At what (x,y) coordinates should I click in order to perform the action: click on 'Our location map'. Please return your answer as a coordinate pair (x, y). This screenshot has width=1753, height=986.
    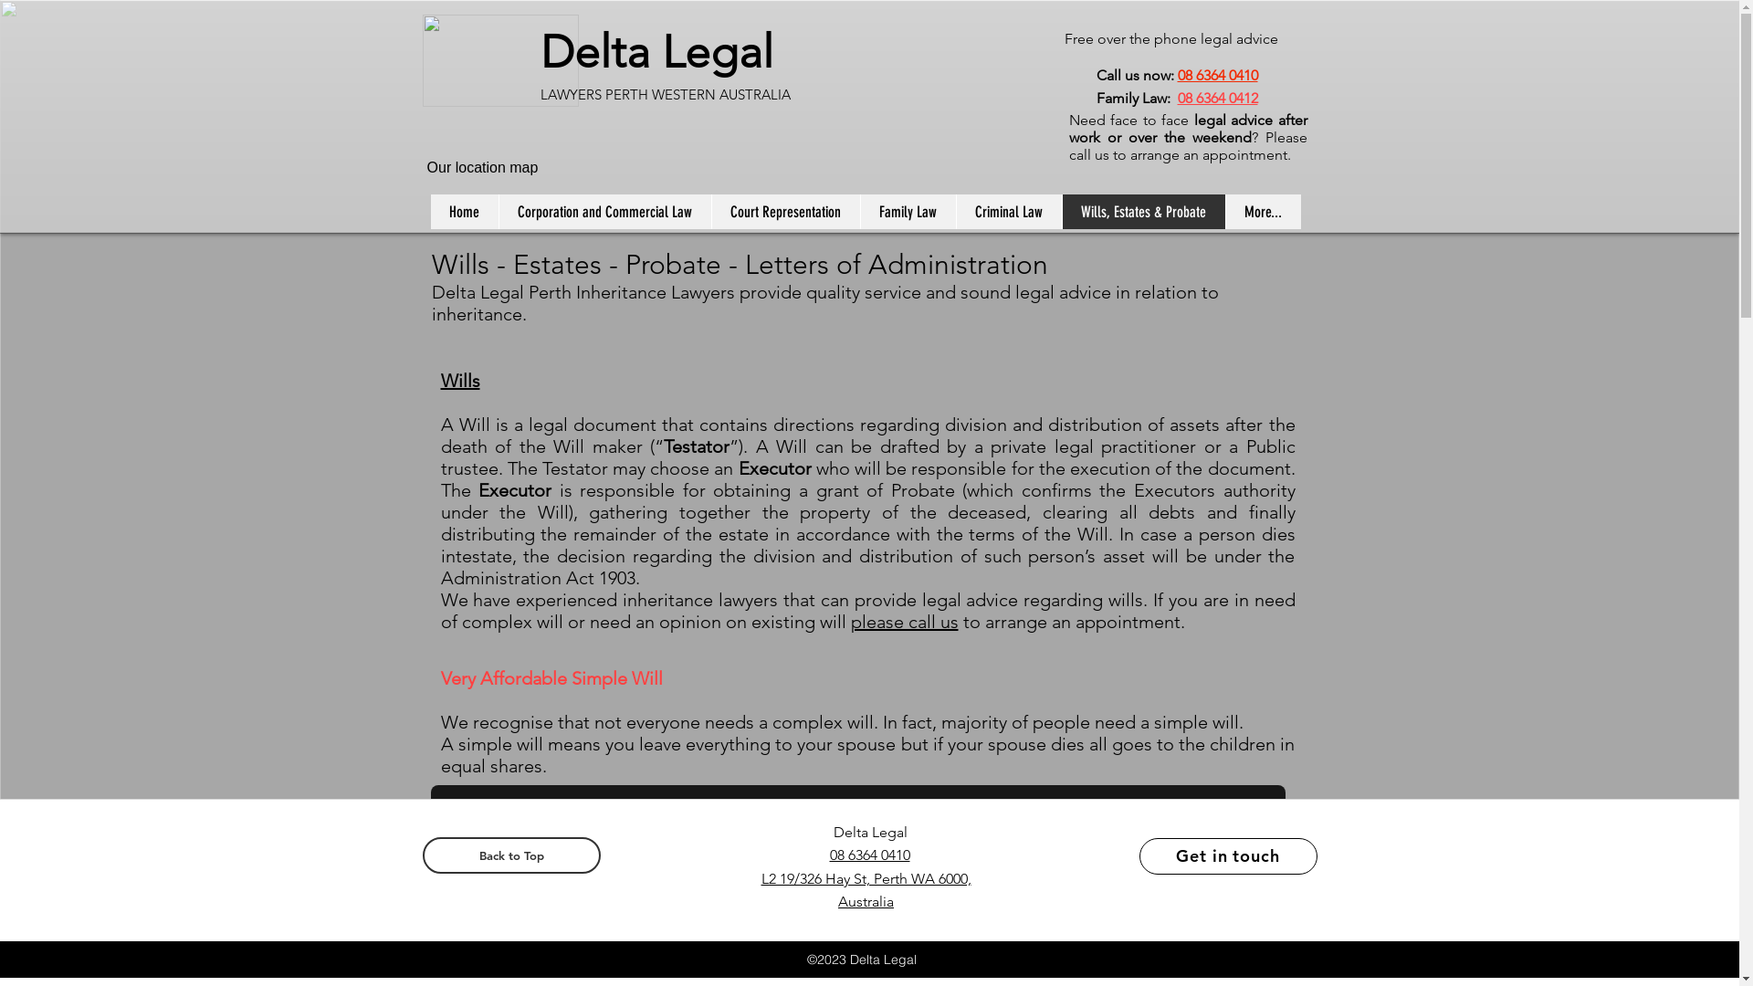
    Looking at the image, I should click on (482, 167).